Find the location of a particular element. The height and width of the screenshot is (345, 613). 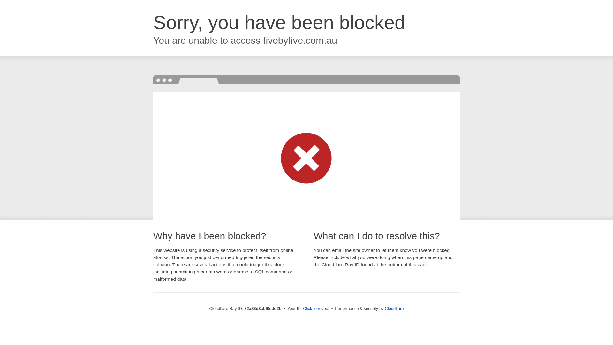

'Click to reveal' is located at coordinates (316, 308).